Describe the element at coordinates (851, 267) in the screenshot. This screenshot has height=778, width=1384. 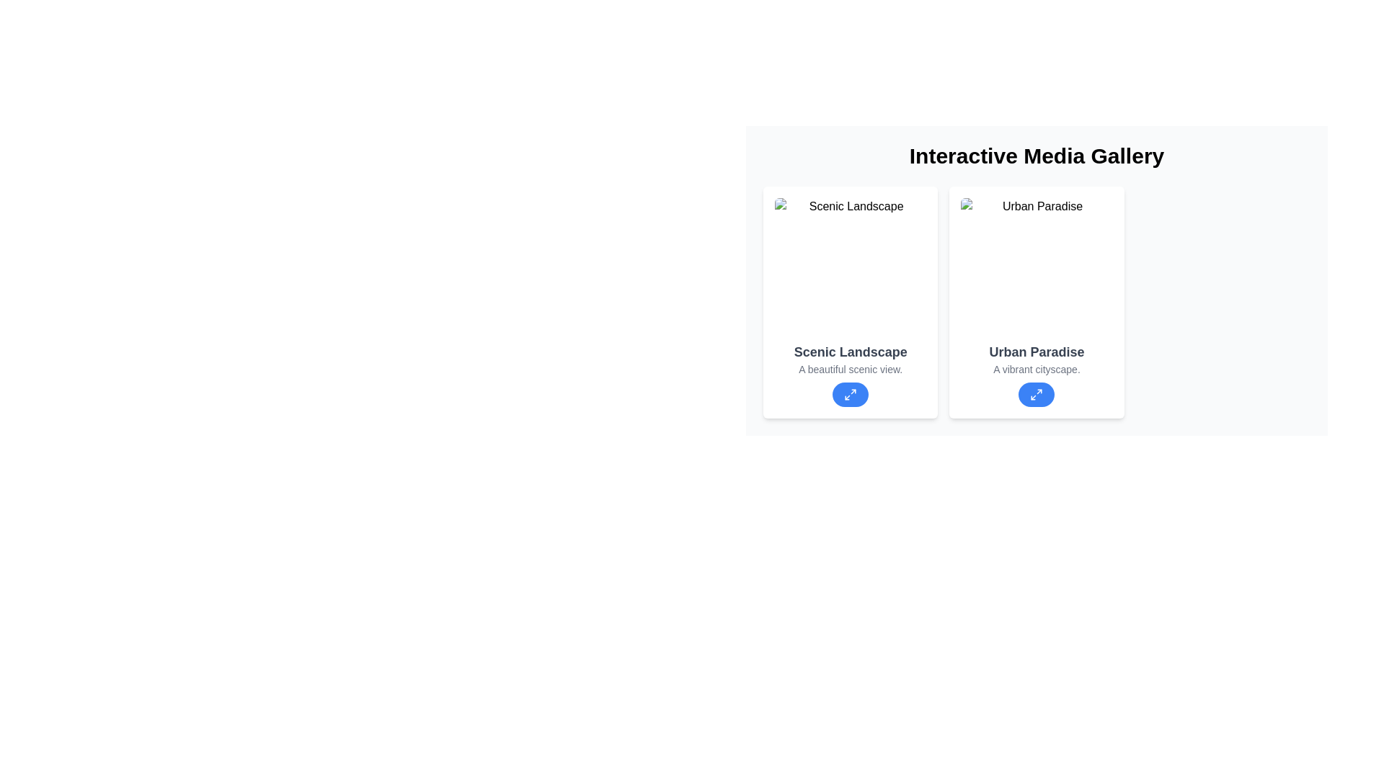
I see `the image displaying a scenic landscape, which is located at the top section of a card in a horizontally arranged gallery grid` at that location.